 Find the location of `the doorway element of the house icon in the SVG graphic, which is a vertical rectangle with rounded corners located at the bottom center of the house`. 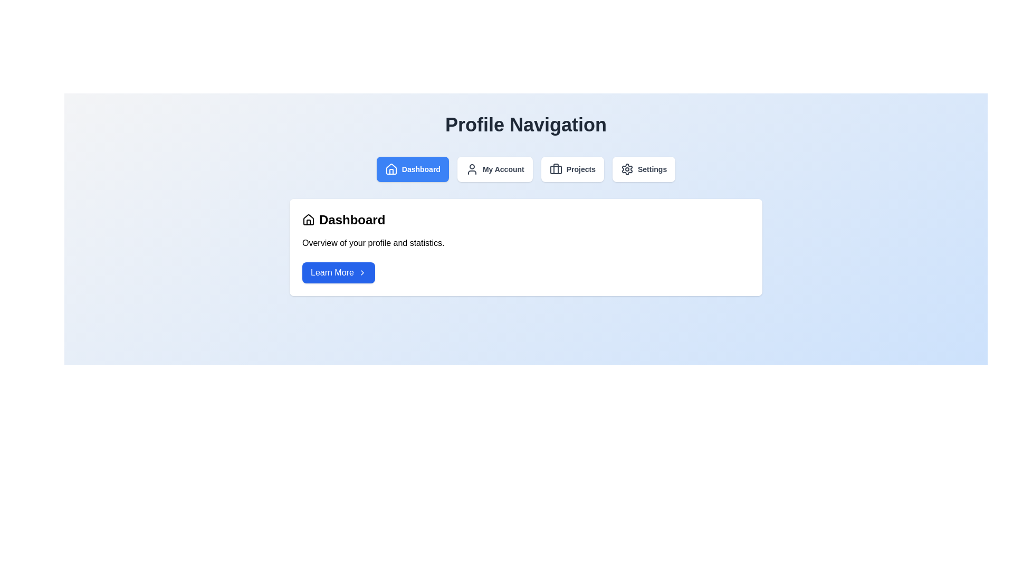

the doorway element of the house icon in the SVG graphic, which is a vertical rectangle with rounded corners located at the bottom center of the house is located at coordinates (390, 171).